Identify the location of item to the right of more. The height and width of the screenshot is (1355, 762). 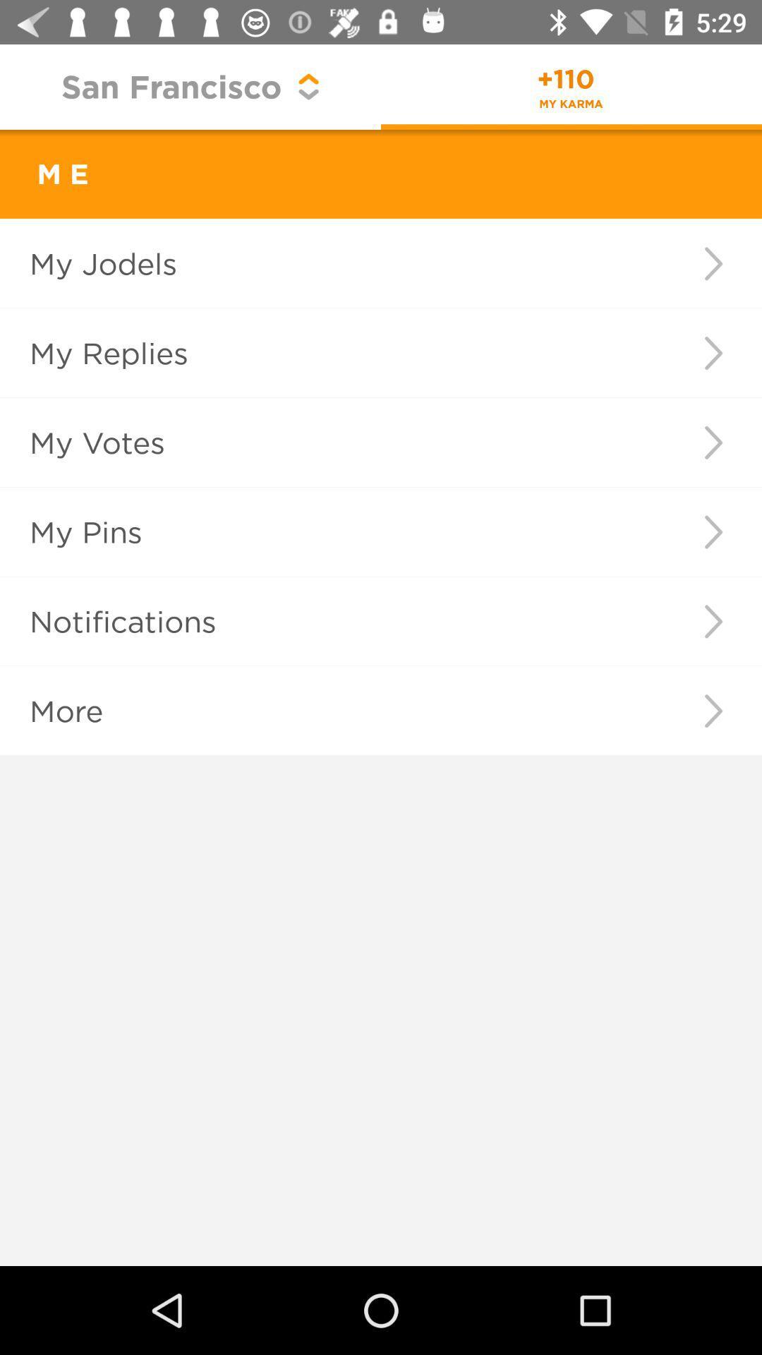
(713, 711).